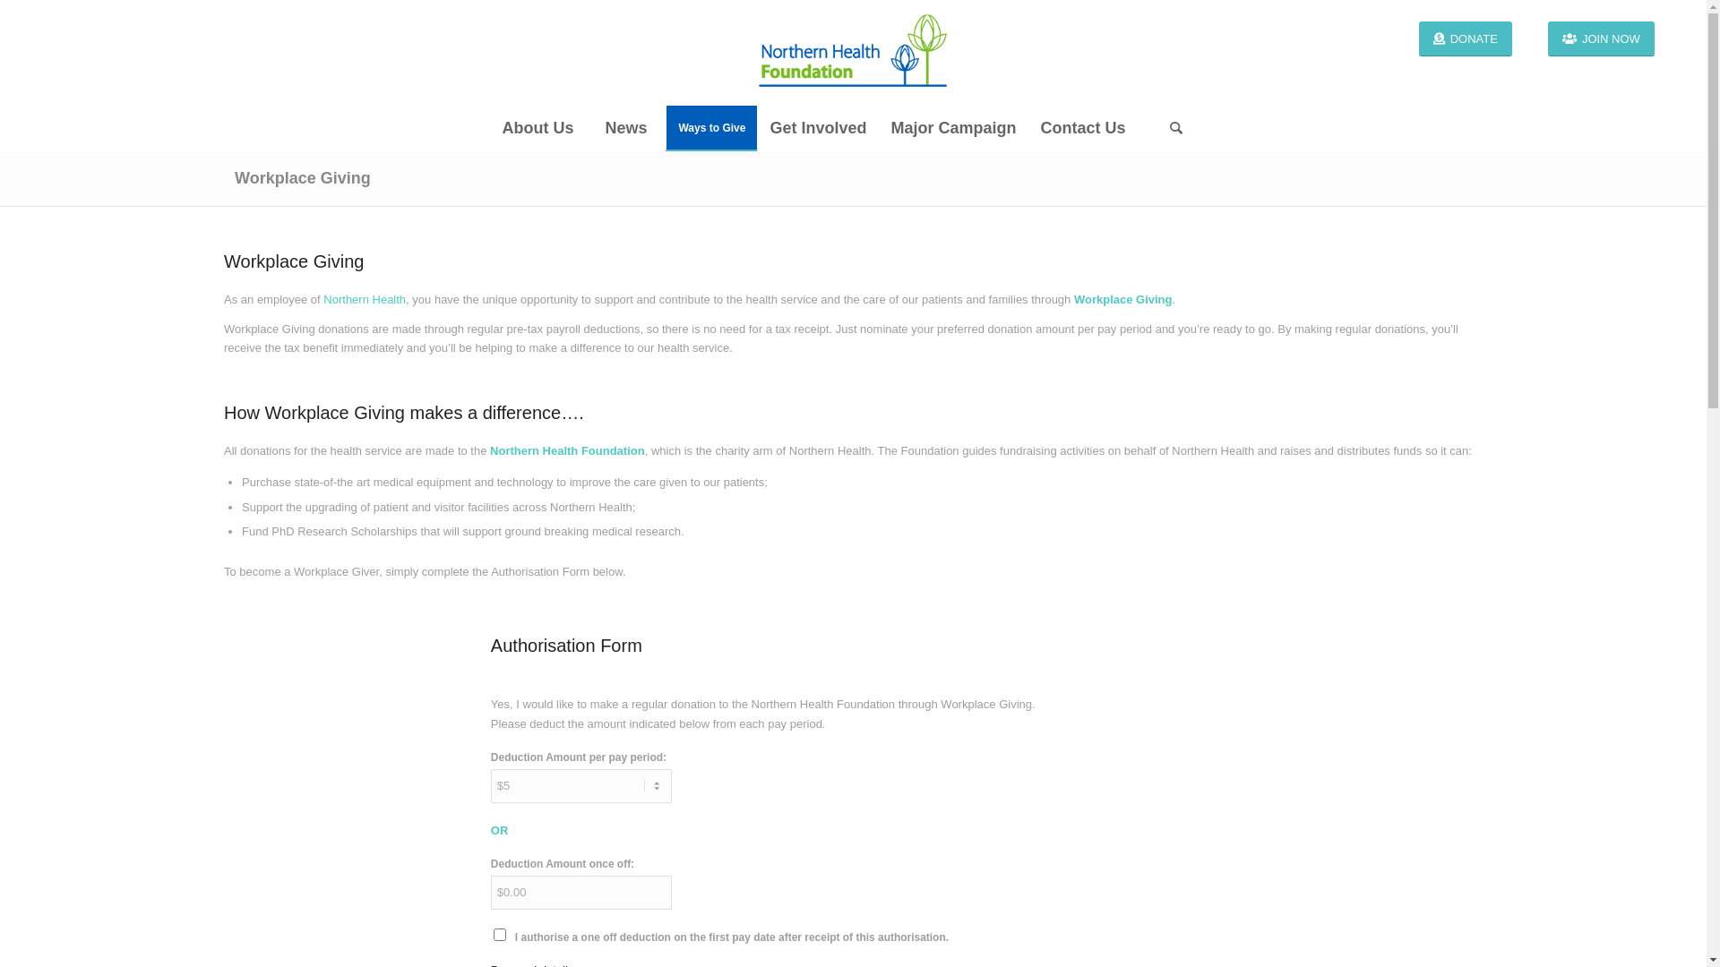 This screenshot has width=1720, height=967. What do you see at coordinates (951, 126) in the screenshot?
I see `'Major Campaign'` at bounding box center [951, 126].